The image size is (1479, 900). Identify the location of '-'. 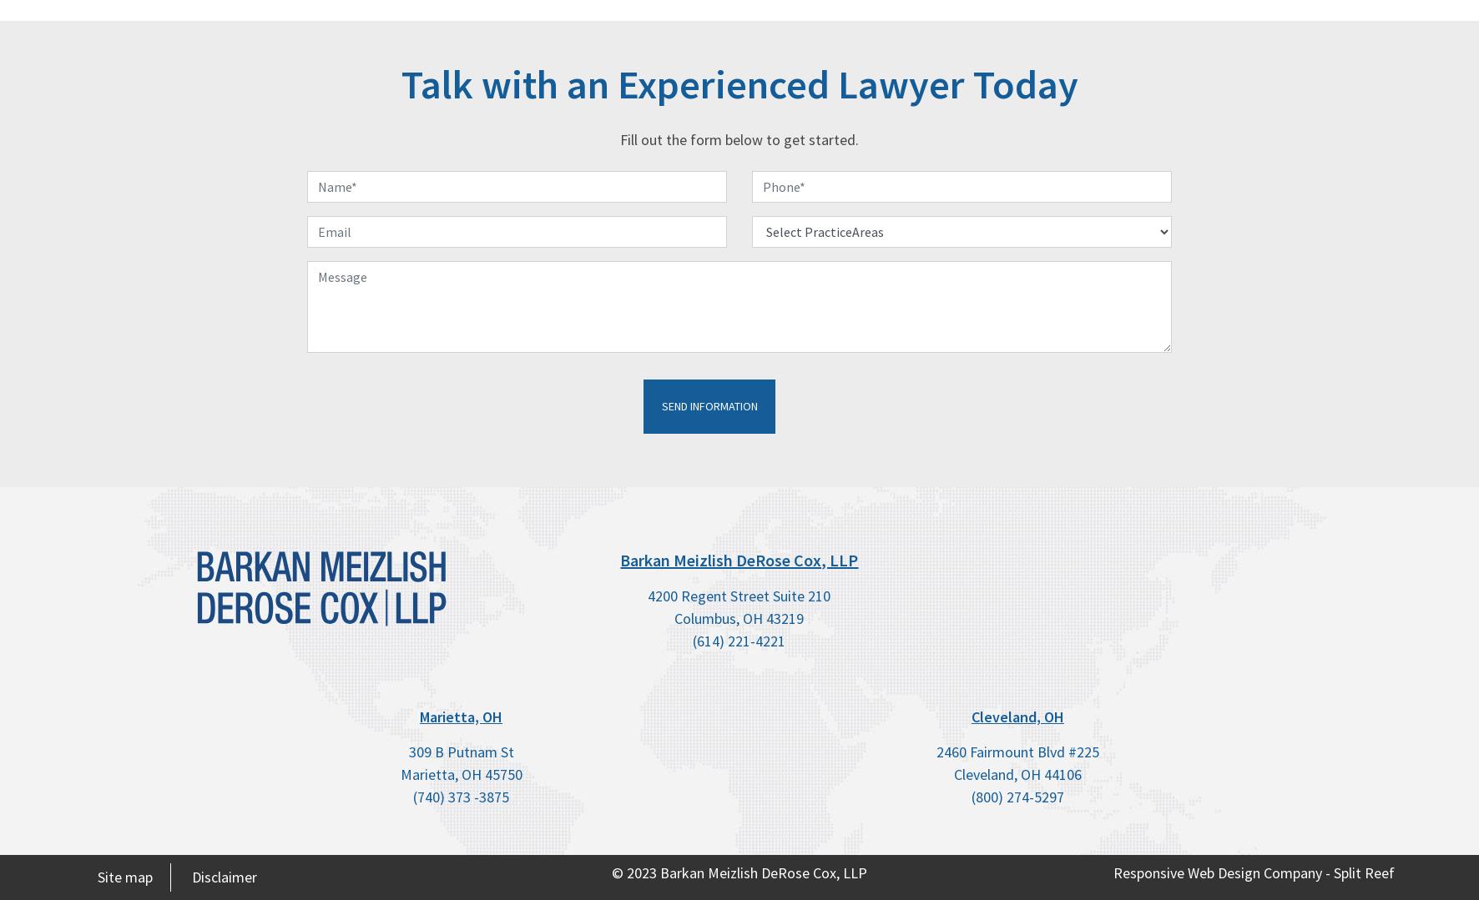
(1326, 871).